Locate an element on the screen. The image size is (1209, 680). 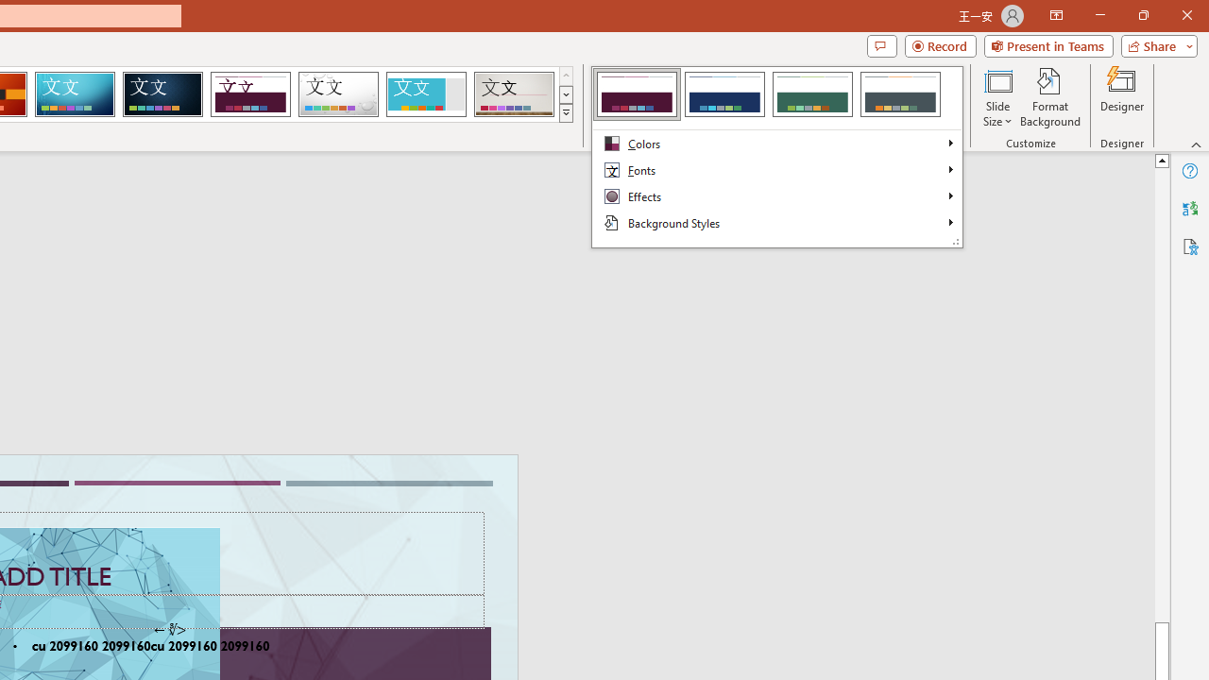
'Translator' is located at coordinates (1189, 209).